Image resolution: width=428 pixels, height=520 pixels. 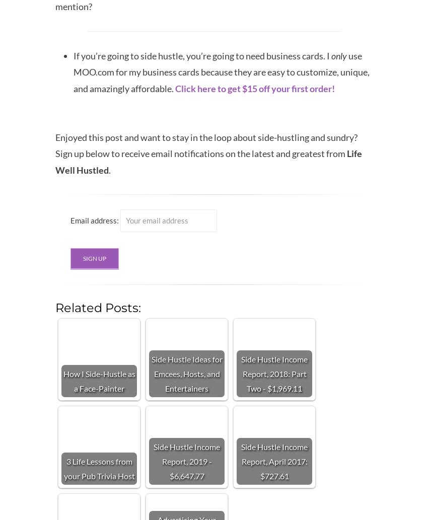 What do you see at coordinates (274, 460) in the screenshot?
I see `'Side Hustle Income Report, April 2017: $727.61'` at bounding box center [274, 460].